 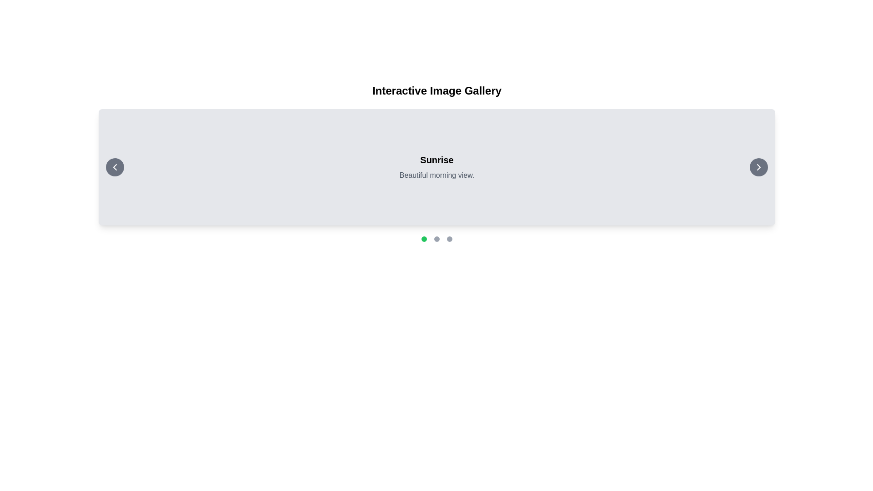 What do you see at coordinates (115, 167) in the screenshot?
I see `the chevron icon, which serves as a navigational button for the image gallery` at bounding box center [115, 167].